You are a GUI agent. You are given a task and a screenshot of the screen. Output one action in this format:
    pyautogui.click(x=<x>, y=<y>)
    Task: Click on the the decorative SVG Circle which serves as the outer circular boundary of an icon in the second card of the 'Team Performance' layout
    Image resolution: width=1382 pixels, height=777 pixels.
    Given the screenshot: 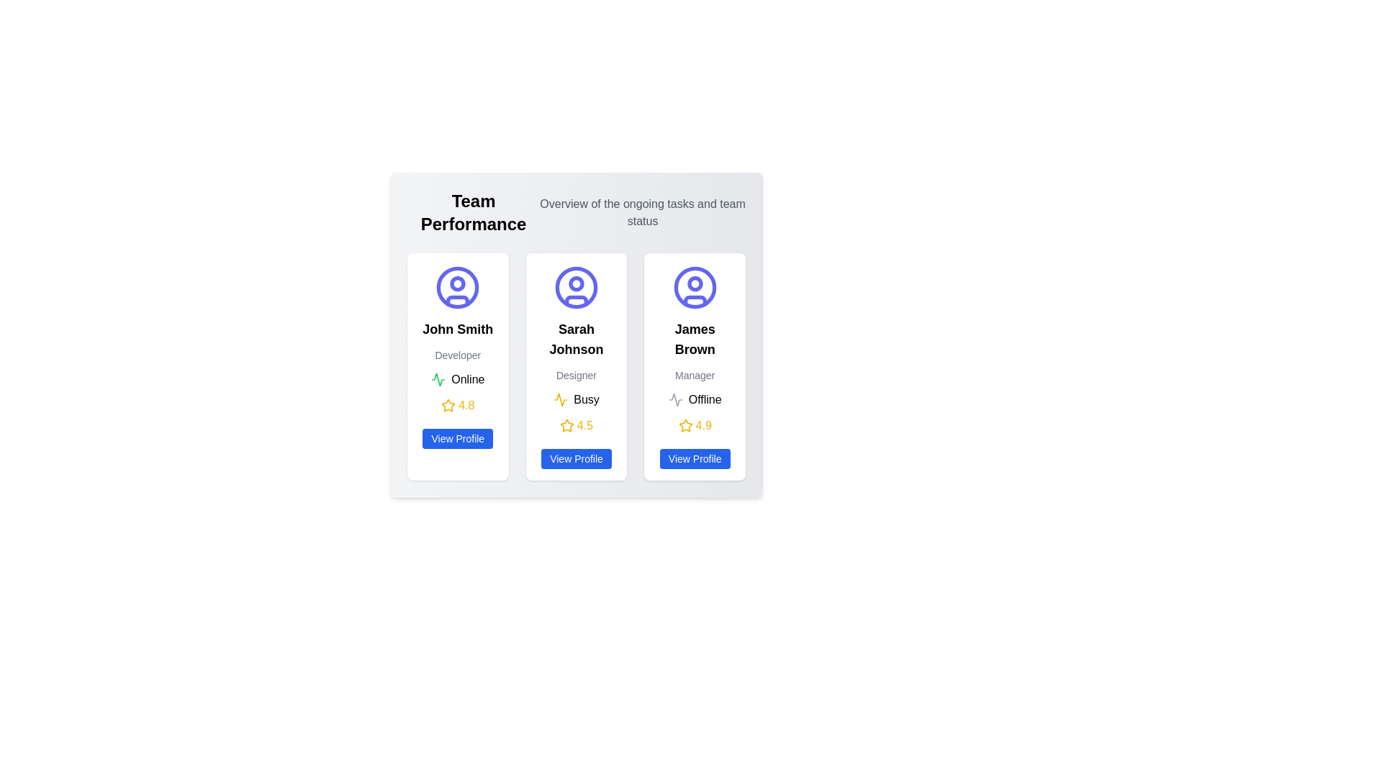 What is the action you would take?
    pyautogui.click(x=577, y=288)
    